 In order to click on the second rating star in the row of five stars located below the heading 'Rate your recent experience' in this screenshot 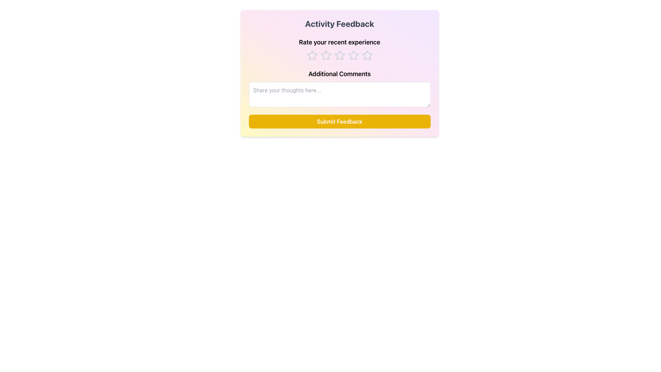, I will do `click(325, 55)`.